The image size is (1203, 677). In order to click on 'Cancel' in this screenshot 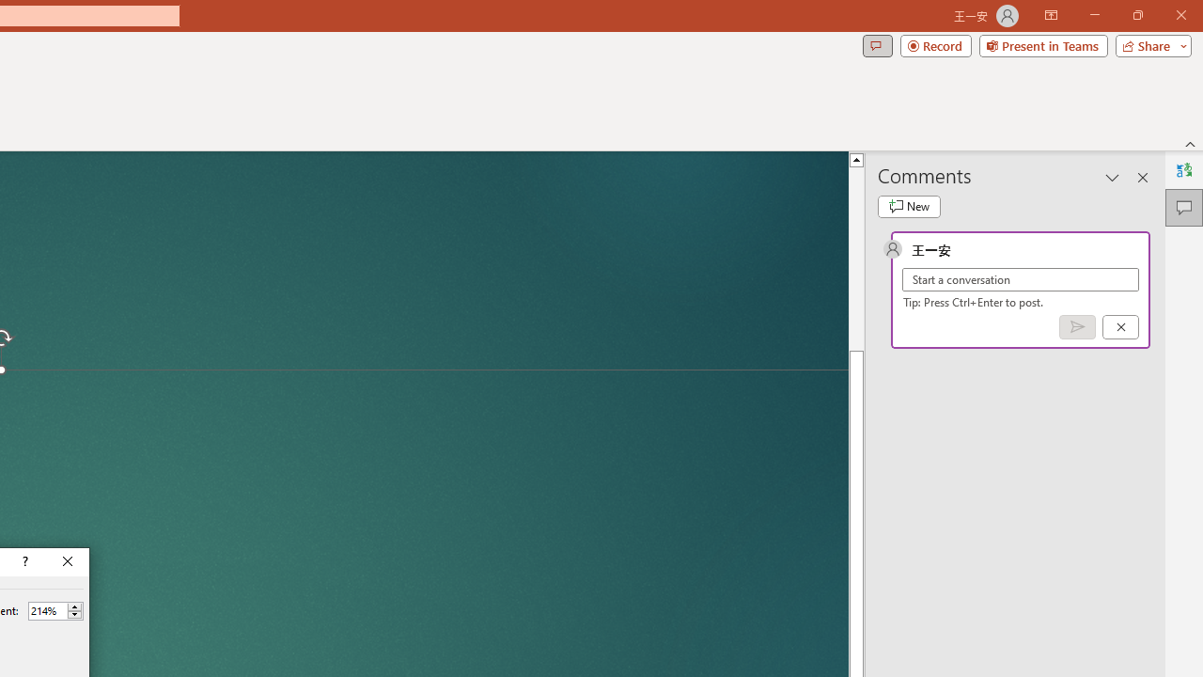, I will do `click(1120, 325)`.